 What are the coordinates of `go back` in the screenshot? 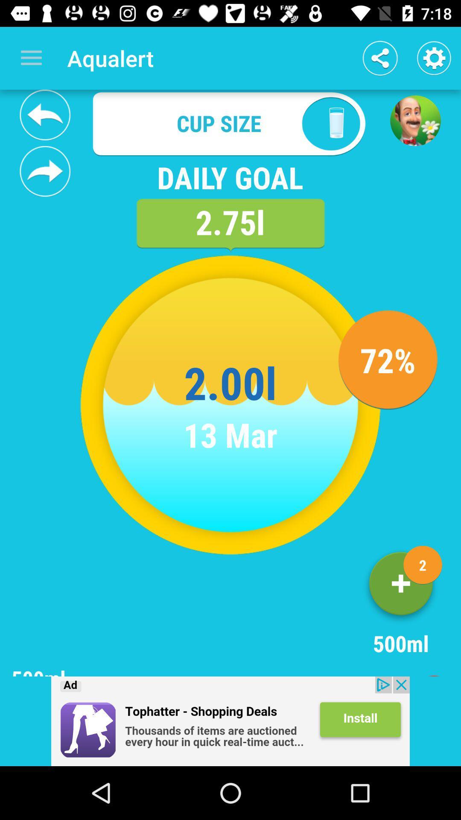 It's located at (45, 114).